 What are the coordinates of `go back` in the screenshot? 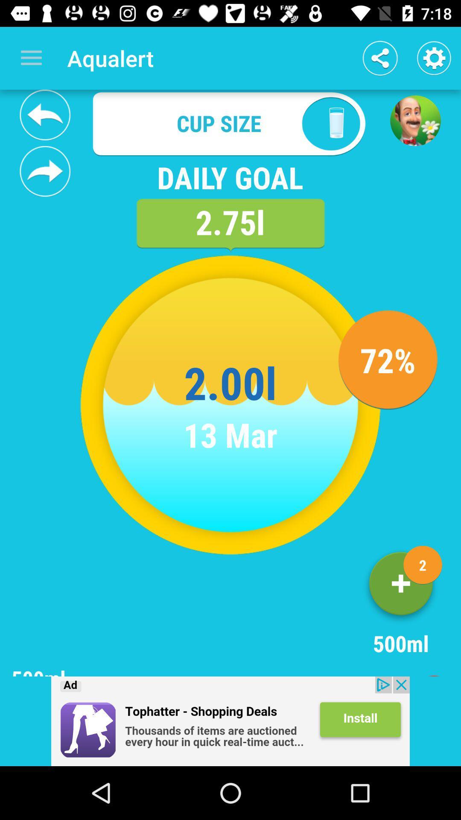 It's located at (45, 114).